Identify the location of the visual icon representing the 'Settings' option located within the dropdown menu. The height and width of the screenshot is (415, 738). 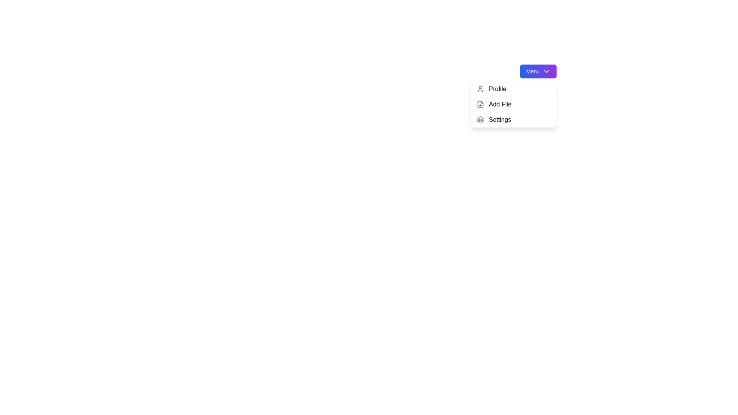
(480, 120).